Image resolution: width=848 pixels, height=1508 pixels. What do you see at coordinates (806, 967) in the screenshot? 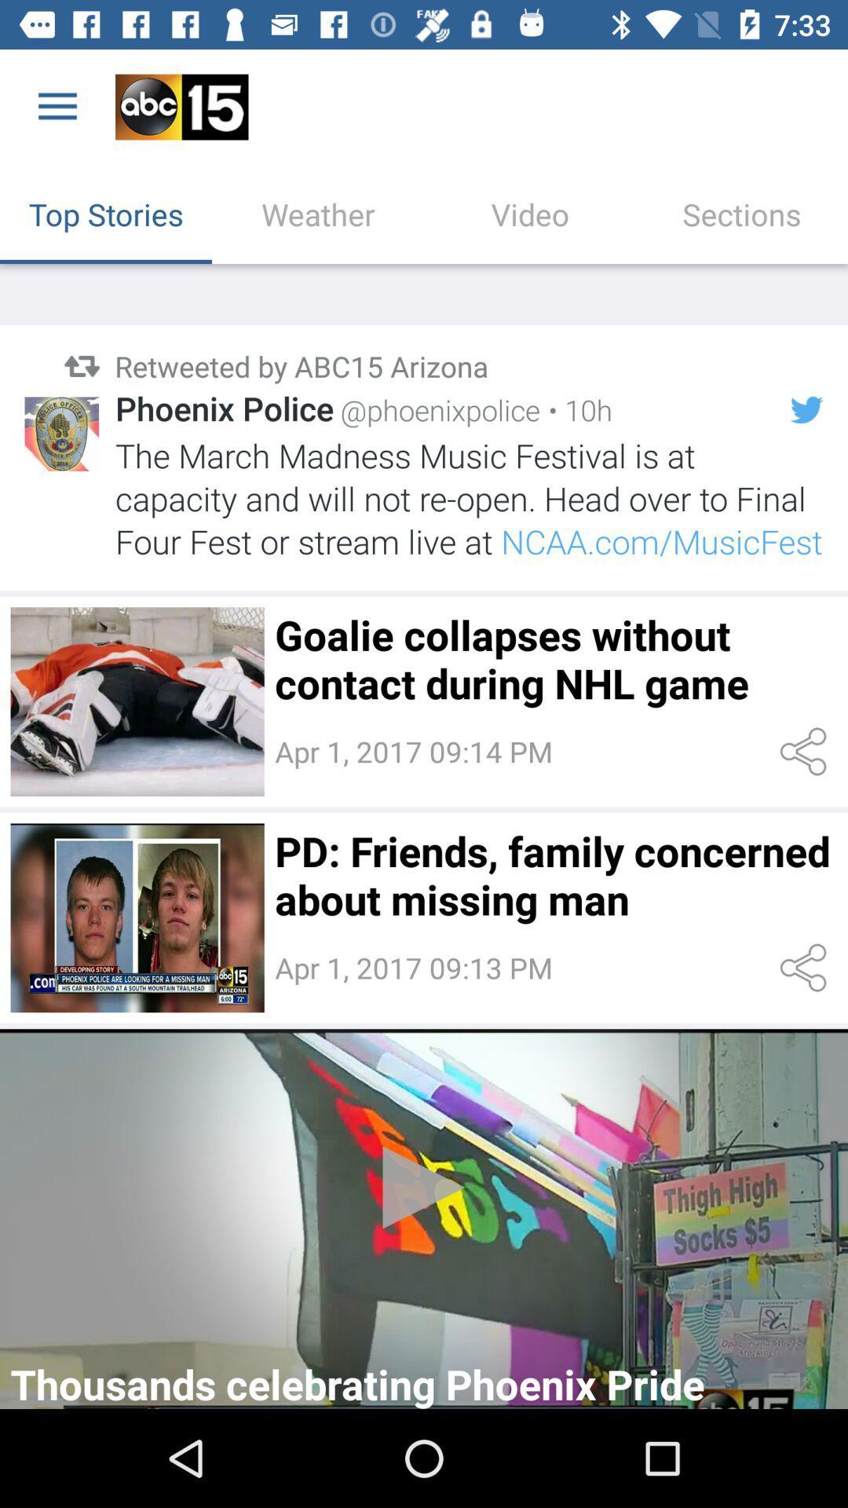
I see `share content` at bounding box center [806, 967].